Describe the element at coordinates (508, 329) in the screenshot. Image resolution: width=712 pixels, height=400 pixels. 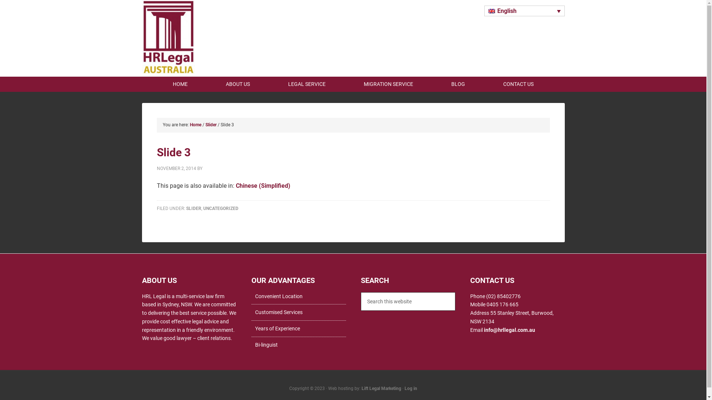
I see `' info@hrllegal.com.au'` at that location.